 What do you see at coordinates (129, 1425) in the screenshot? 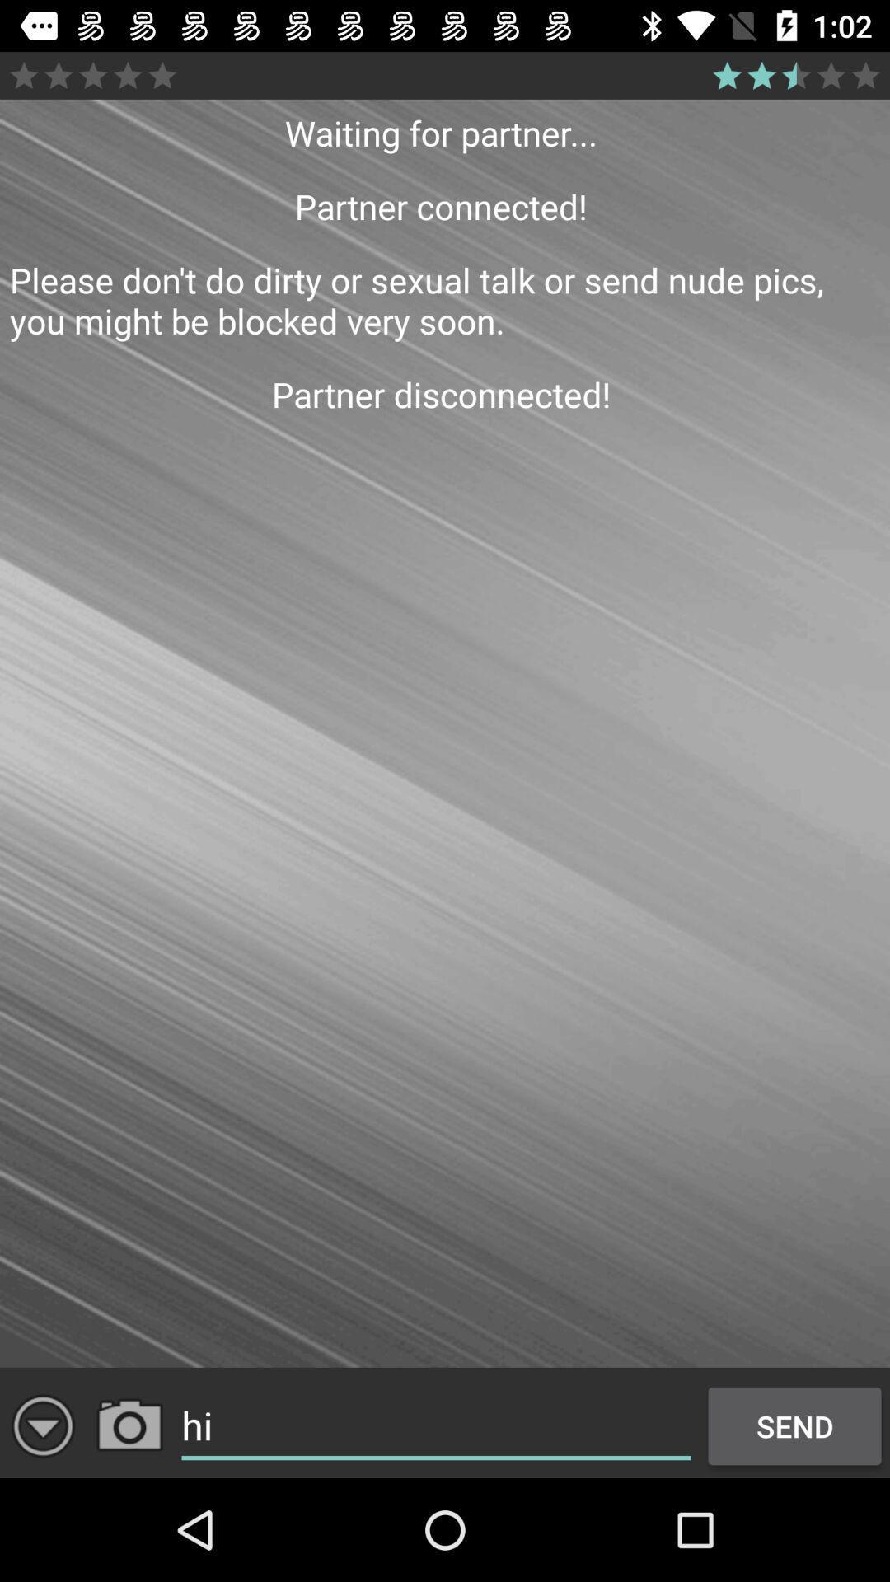
I see `the photo icon` at bounding box center [129, 1425].